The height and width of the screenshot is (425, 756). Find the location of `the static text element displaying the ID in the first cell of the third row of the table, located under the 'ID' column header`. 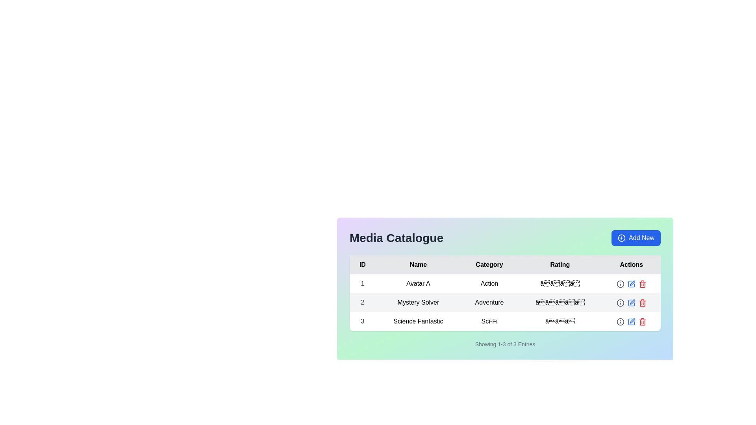

the static text element displaying the ID in the first cell of the third row of the table, located under the 'ID' column header is located at coordinates (362, 322).